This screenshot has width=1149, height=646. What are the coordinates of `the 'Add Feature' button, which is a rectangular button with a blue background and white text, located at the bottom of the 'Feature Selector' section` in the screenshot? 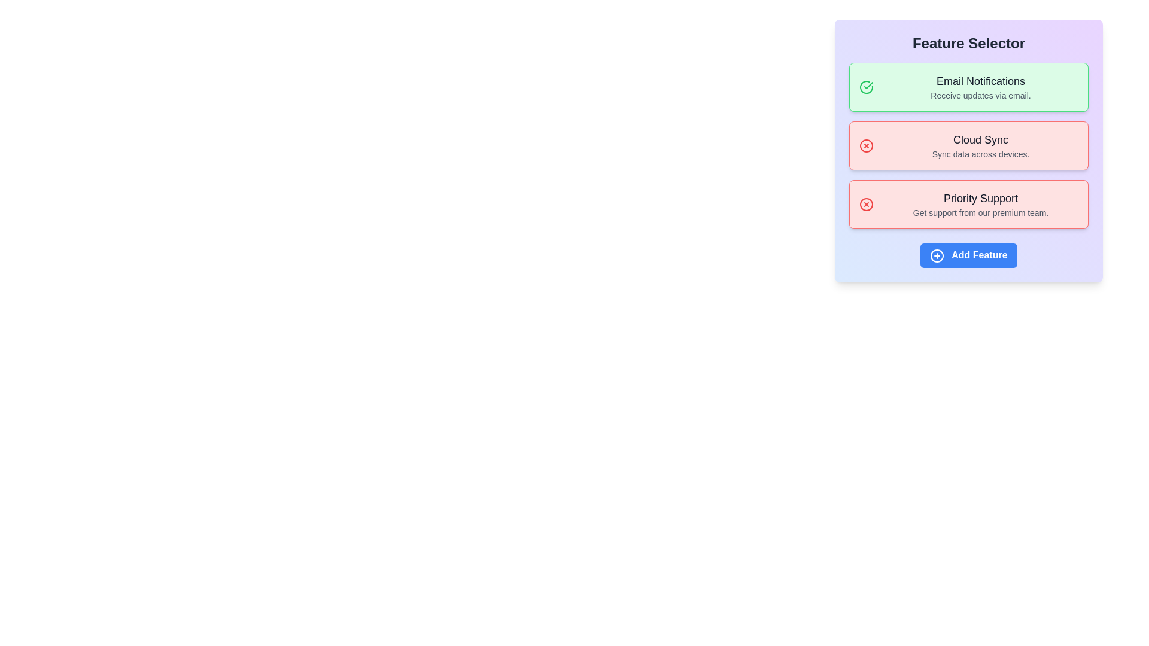 It's located at (968, 255).